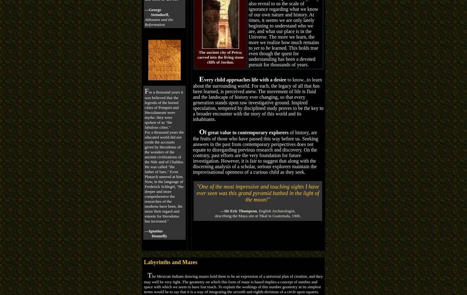  What do you see at coordinates (156, 14) in the screenshot?
I see `'Steindorff,'` at bounding box center [156, 14].